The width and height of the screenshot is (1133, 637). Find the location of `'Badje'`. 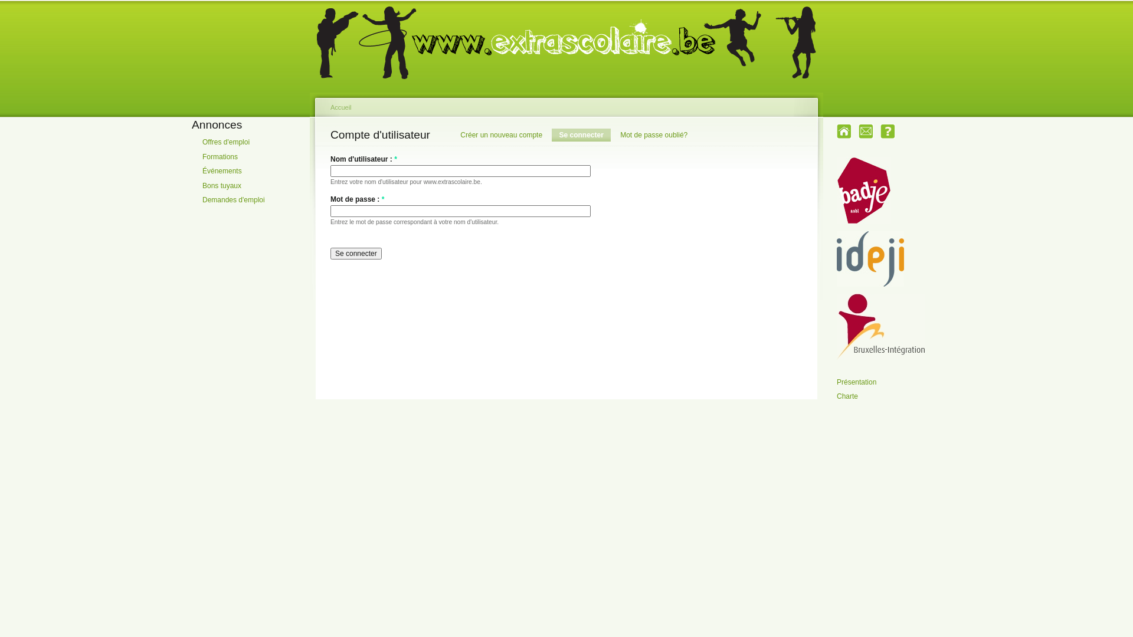

'Badje' is located at coordinates (864, 190).